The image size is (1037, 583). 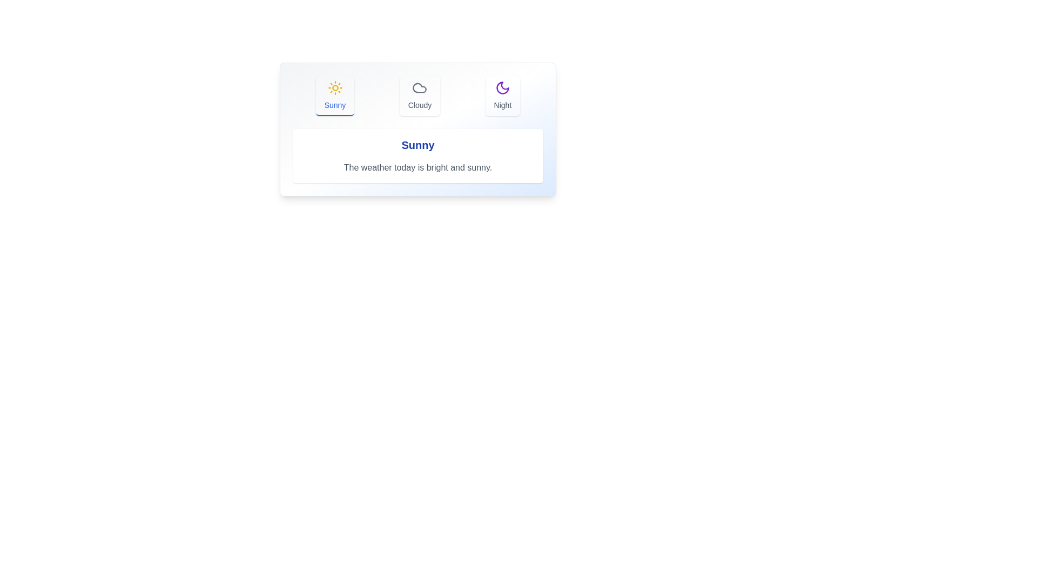 What do you see at coordinates (502, 95) in the screenshot?
I see `the tab labeled Night to switch to its content` at bounding box center [502, 95].